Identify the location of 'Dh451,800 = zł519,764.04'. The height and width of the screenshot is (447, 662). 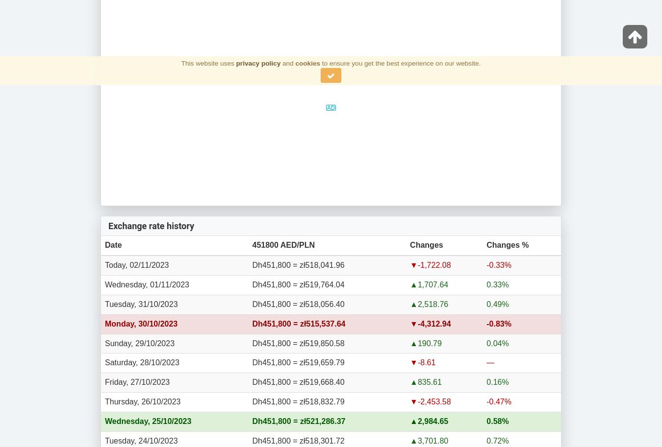
(298, 284).